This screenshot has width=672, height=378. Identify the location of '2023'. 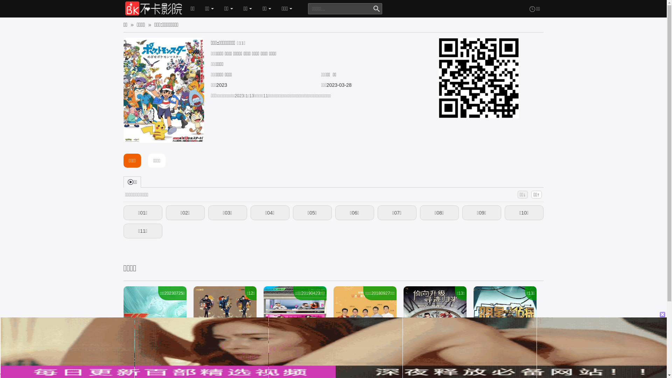
(221, 85).